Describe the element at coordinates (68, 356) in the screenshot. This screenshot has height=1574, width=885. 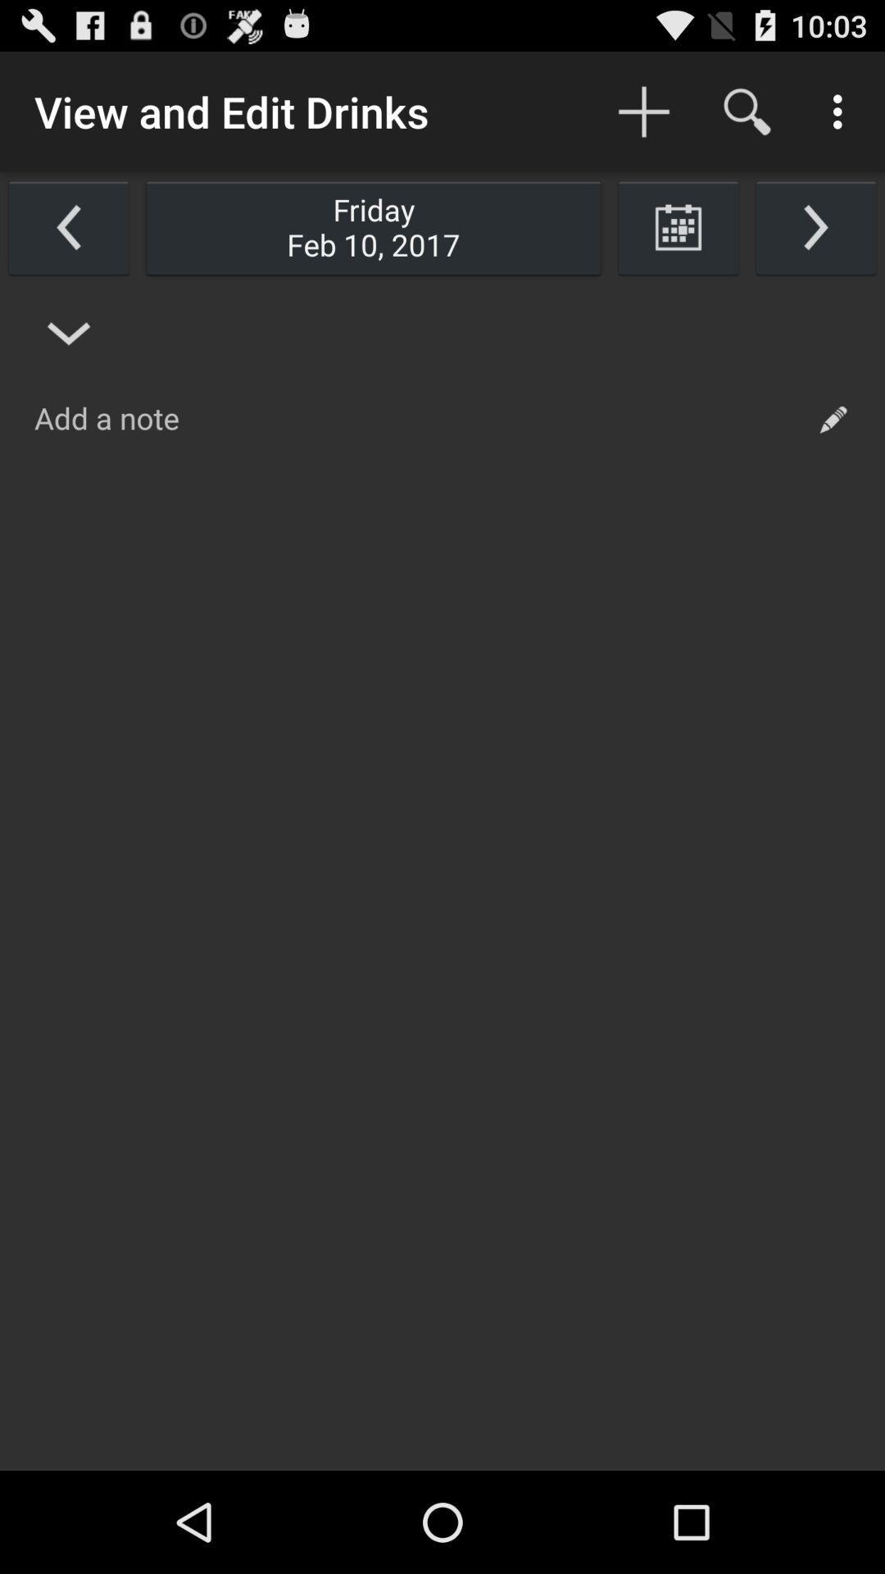
I see `the expand_more icon` at that location.